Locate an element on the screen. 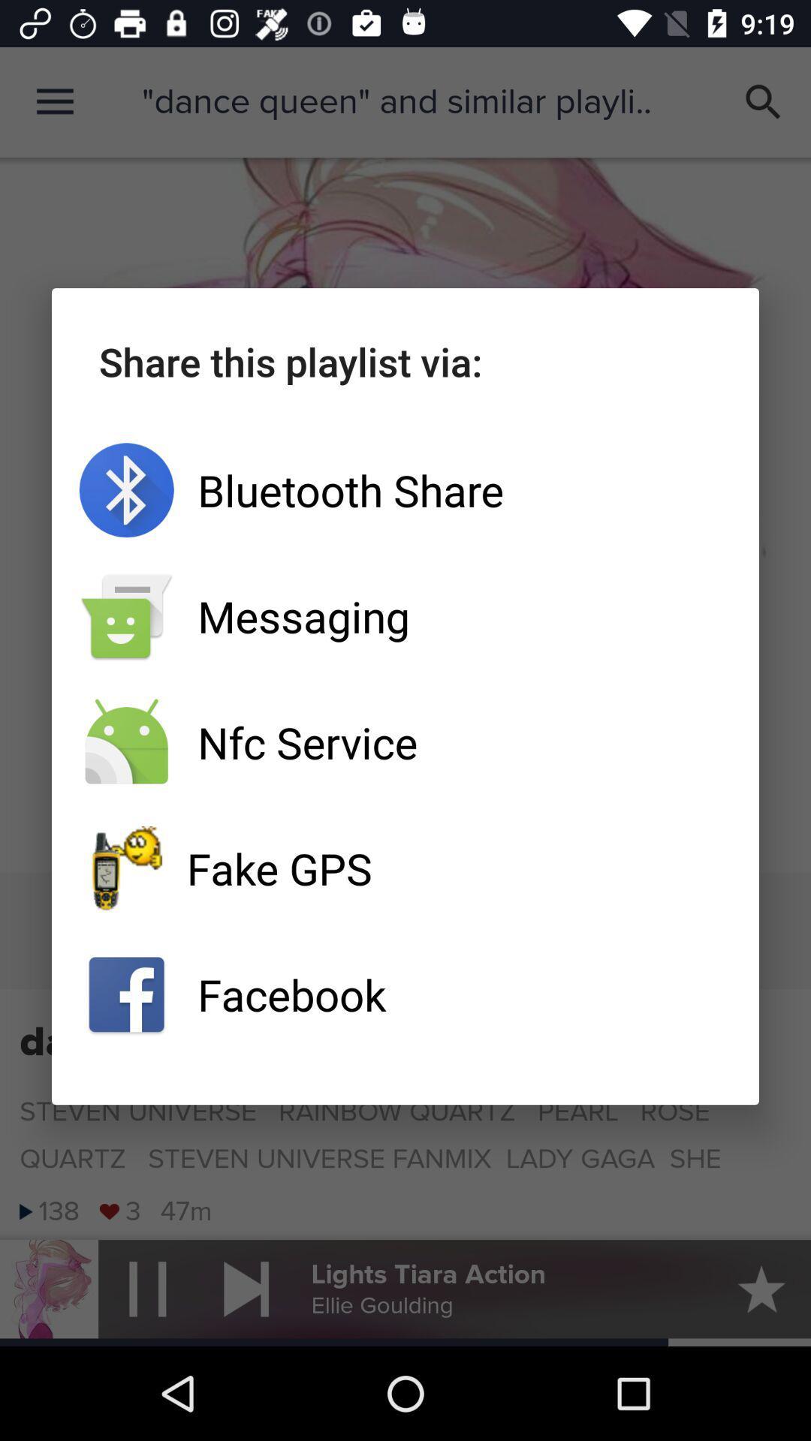  nfc service icon is located at coordinates (405, 742).